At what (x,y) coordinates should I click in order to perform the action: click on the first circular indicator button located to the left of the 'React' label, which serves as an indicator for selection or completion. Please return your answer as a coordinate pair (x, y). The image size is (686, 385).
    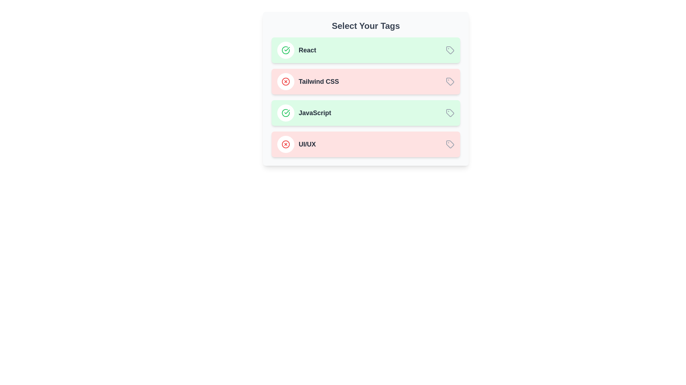
    Looking at the image, I should click on (286, 50).